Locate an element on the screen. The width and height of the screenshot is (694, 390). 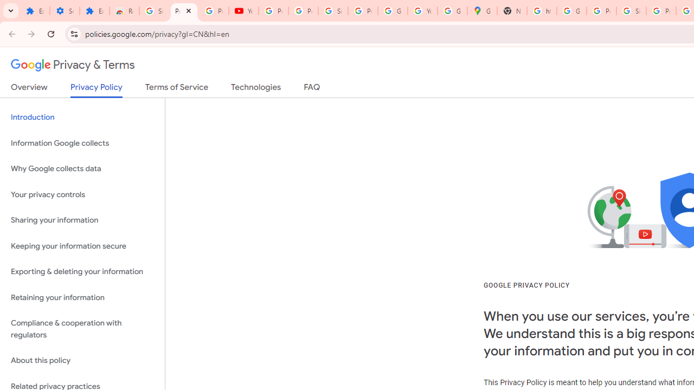
'Google Maps' is located at coordinates (481, 11).